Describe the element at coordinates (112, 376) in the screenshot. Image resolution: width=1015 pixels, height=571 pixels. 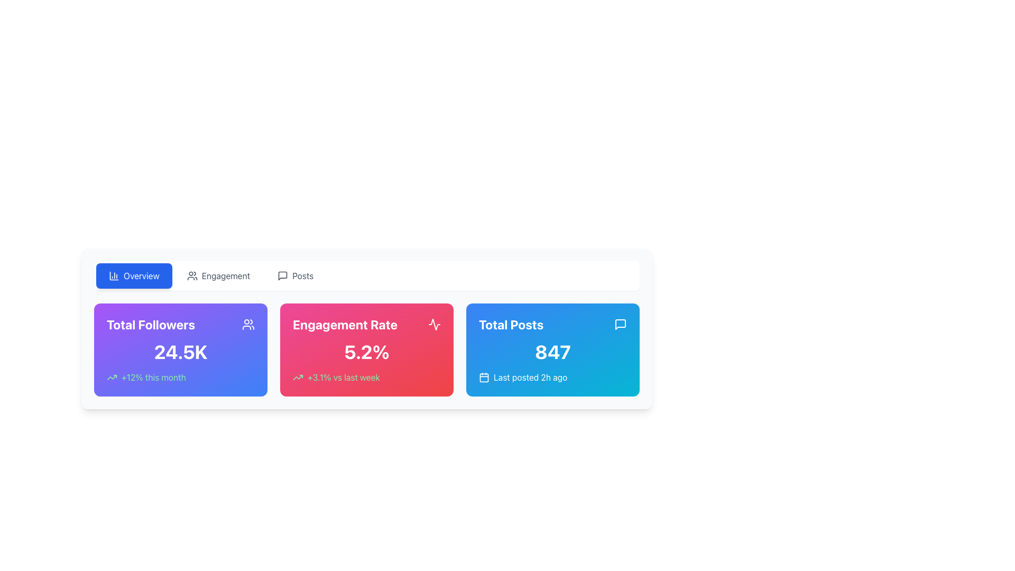
I see `the positive trend icon located in the upper-right corner of the second card from the left in the second row of the dashboard` at that location.